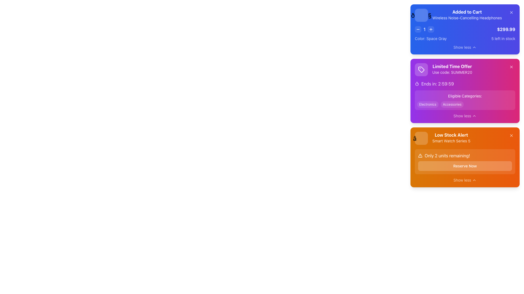 The width and height of the screenshot is (524, 294). I want to click on the informational or warning icon located to the left of the 'Only 2 units remaining!' text in the 'Low Stock Alert' card component, if it is interactive, so click(420, 155).